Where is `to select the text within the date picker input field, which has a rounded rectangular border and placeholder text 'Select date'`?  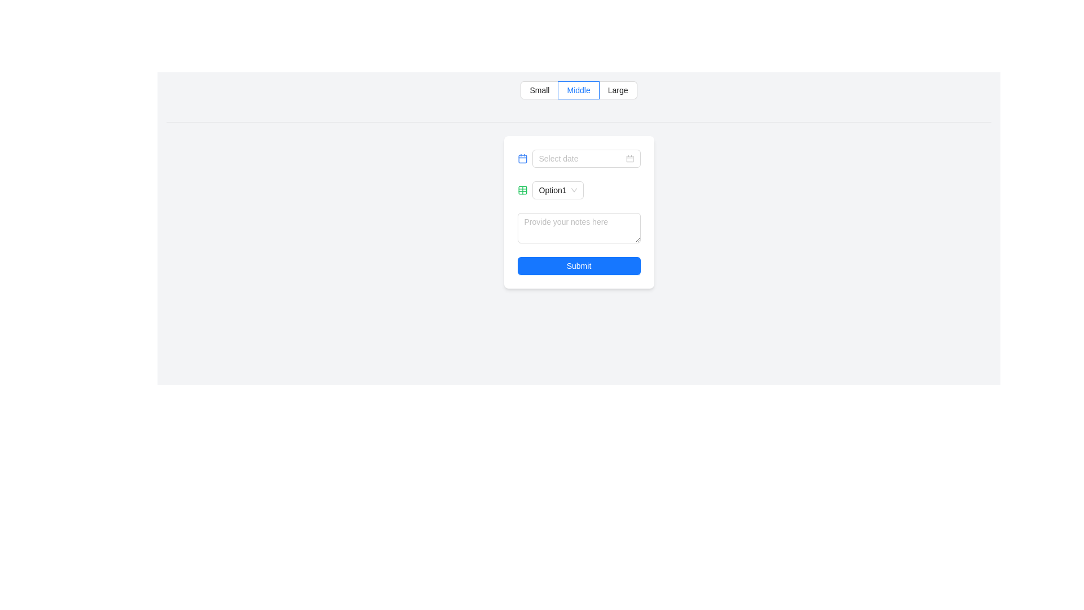 to select the text within the date picker input field, which has a rounded rectangular border and placeholder text 'Select date' is located at coordinates (581, 159).